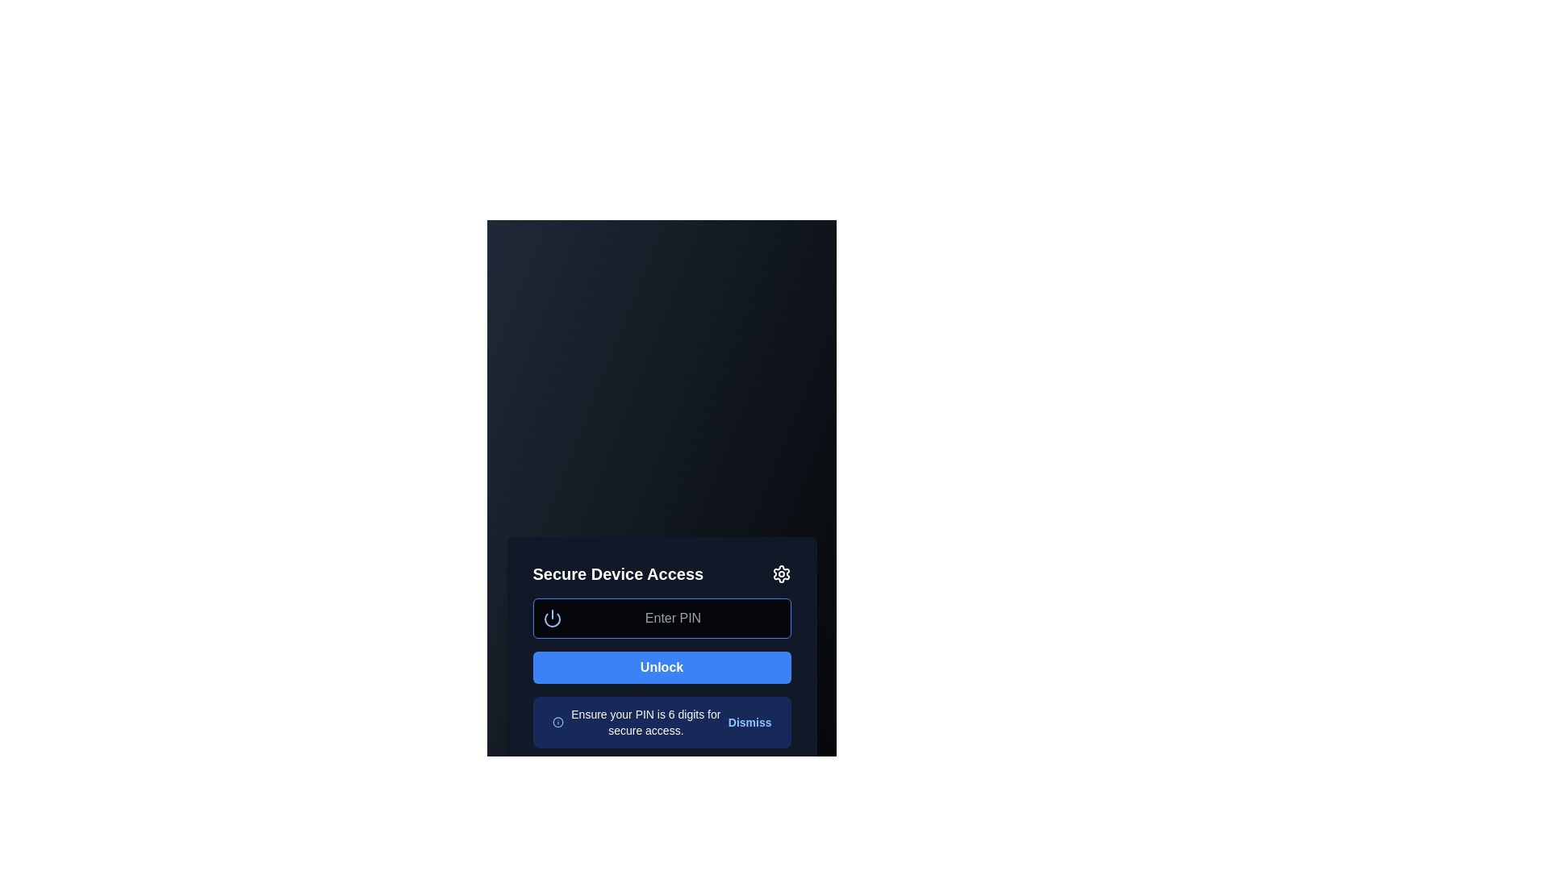 Image resolution: width=1549 pixels, height=871 pixels. What do you see at coordinates (781, 573) in the screenshot?
I see `the settings icon located in the top-right corner of the 'Secure Device Access' module` at bounding box center [781, 573].